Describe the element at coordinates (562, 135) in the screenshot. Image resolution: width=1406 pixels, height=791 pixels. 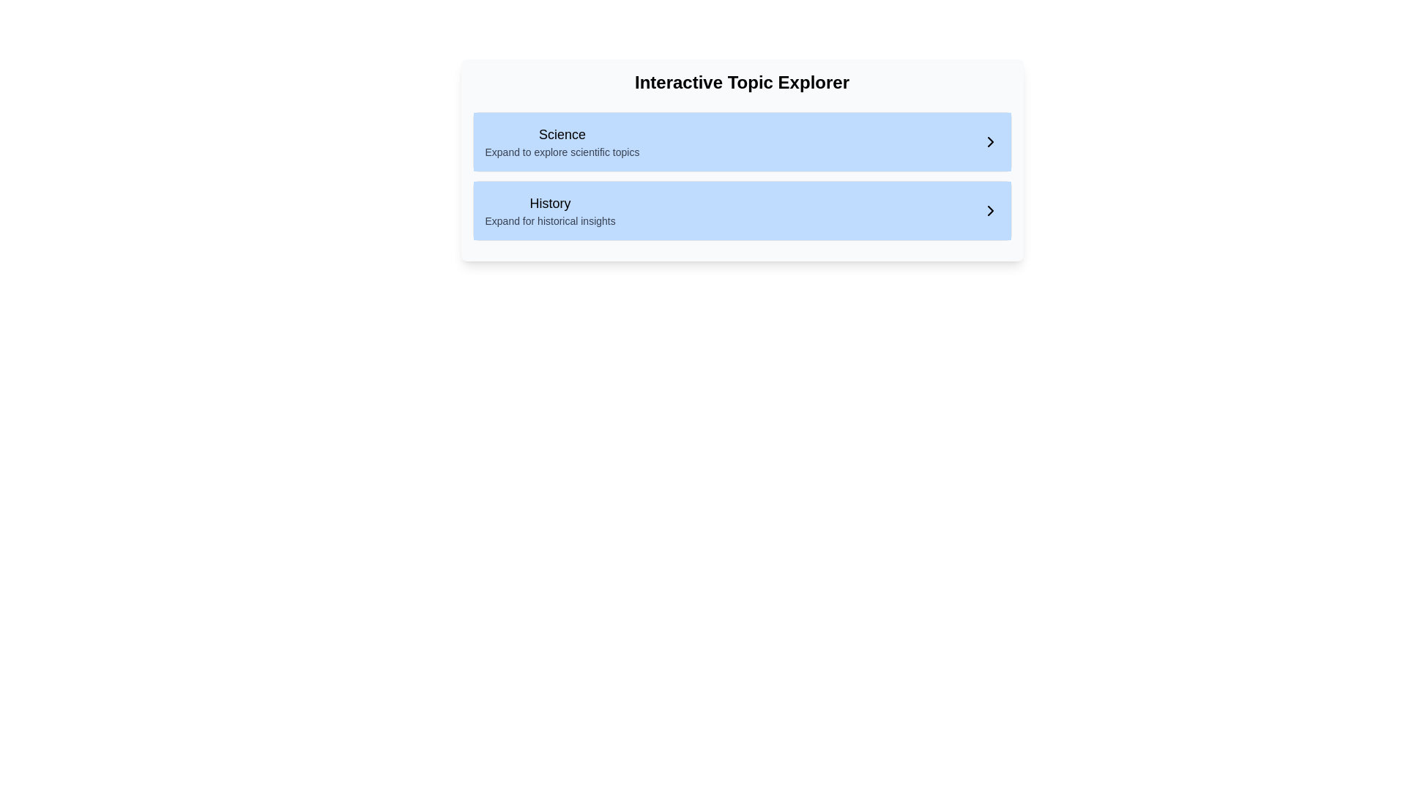
I see `the title text label located at the top of the first blue section under 'Interactive Topic Explorer', which indicates the category of the associated content` at that location.